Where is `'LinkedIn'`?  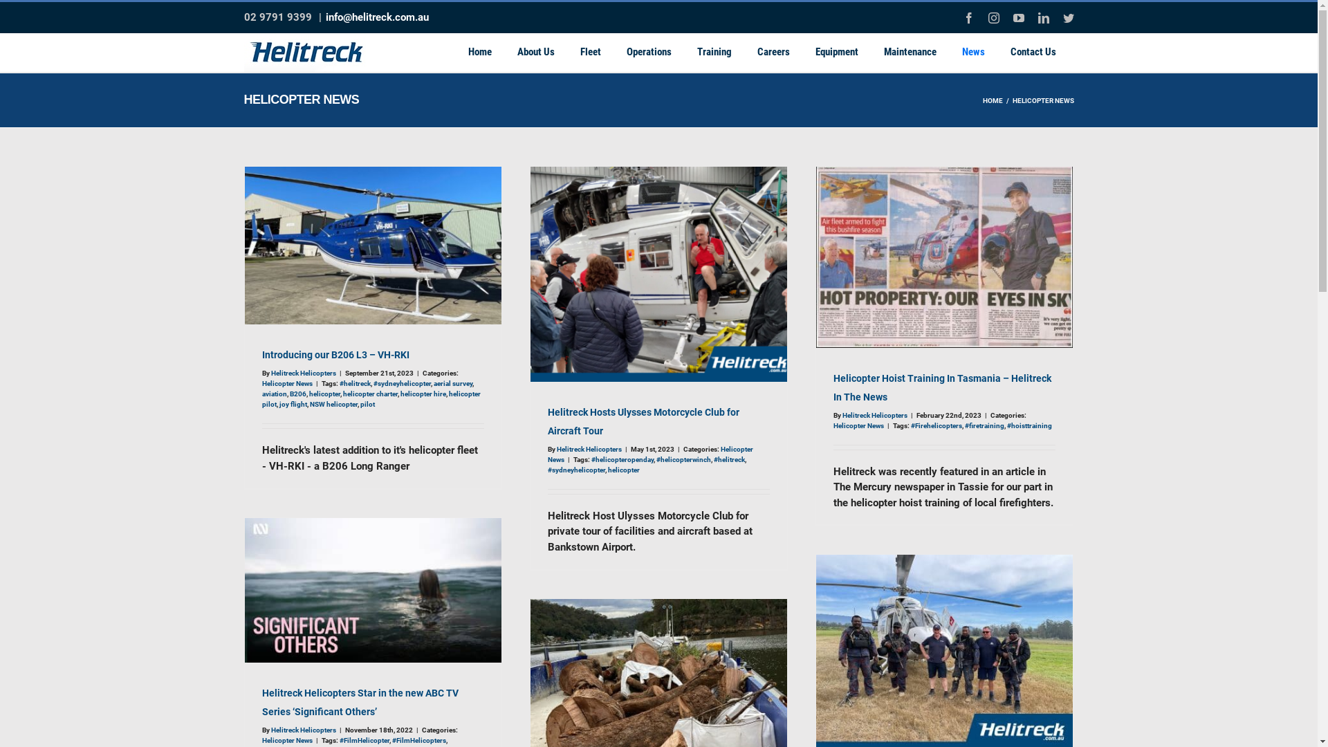 'LinkedIn' is located at coordinates (1042, 18).